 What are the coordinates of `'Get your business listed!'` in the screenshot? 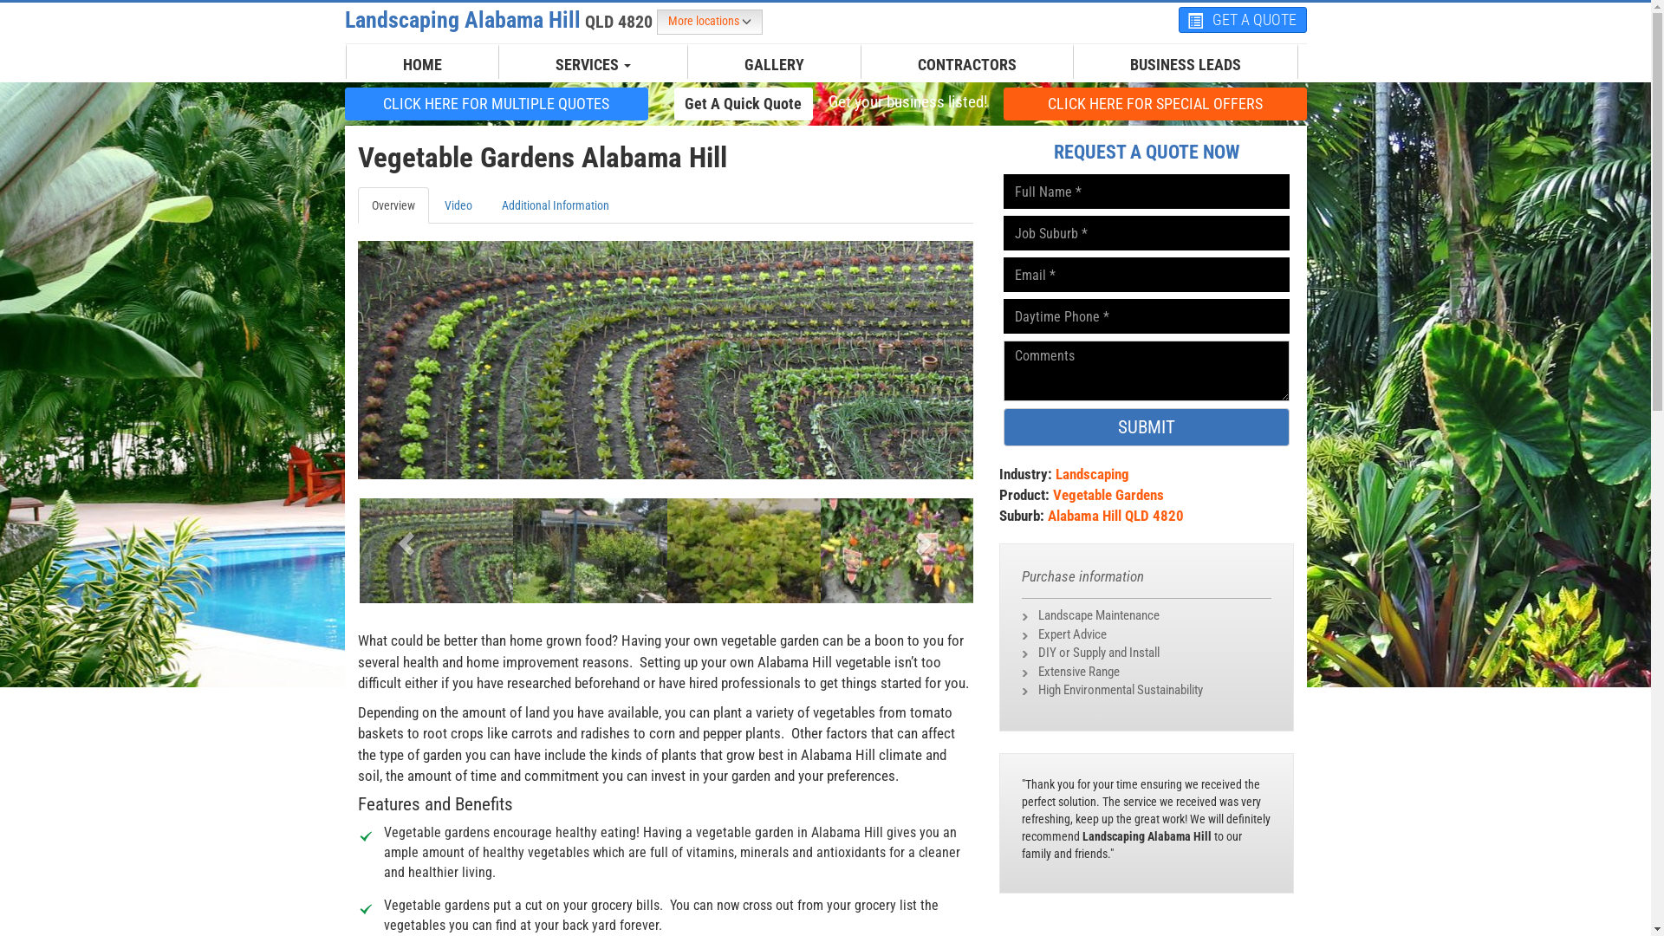 It's located at (906, 102).